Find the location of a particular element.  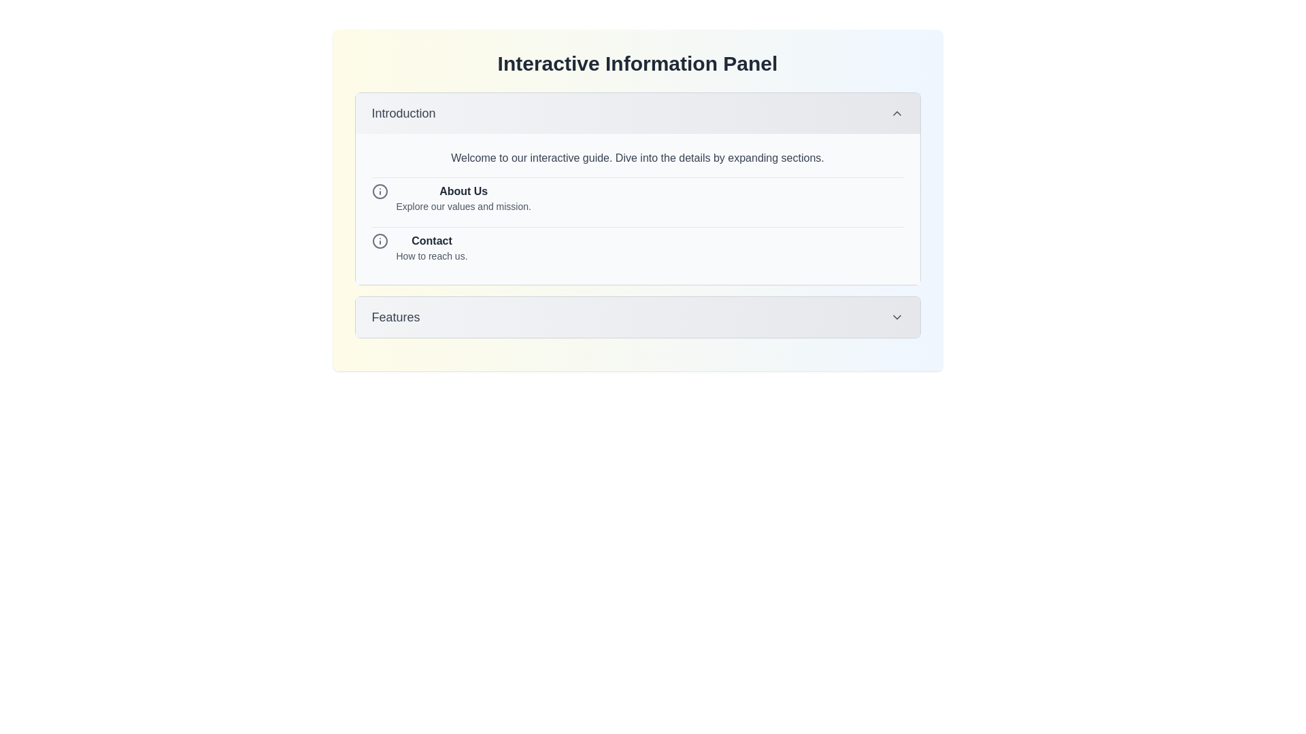

informational label that consists of two lines of text, with 'Contact' in bold dark gray and 'How to reach us.' in smaller light gray, located as the second item in the list-style section is located at coordinates (431, 248).